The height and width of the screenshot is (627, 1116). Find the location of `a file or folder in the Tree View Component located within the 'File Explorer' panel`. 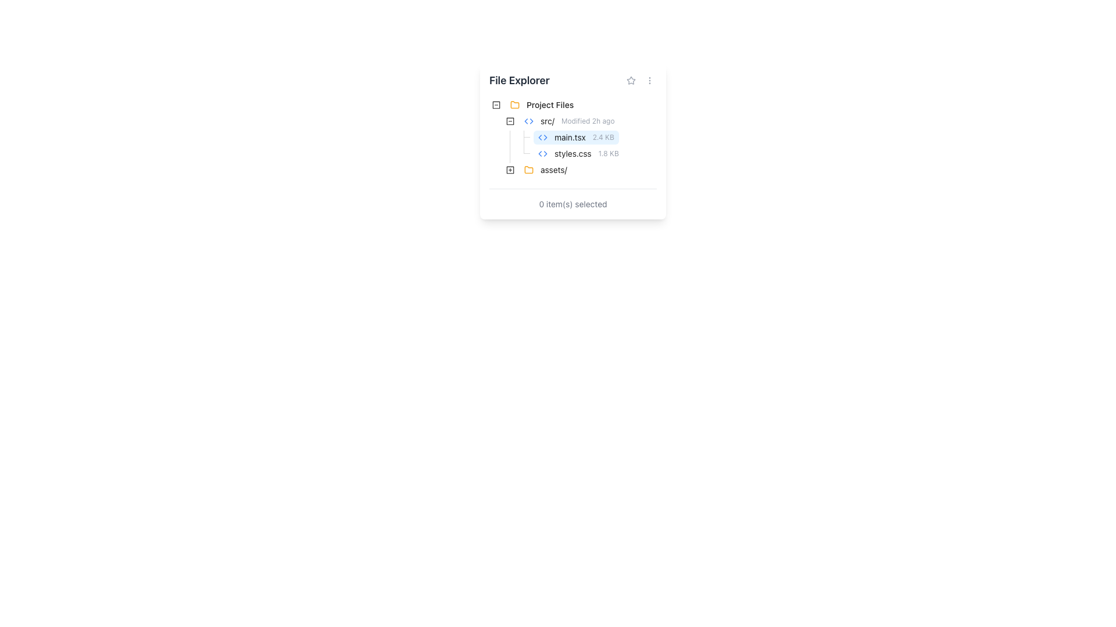

a file or folder in the Tree View Component located within the 'File Explorer' panel is located at coordinates (573, 138).